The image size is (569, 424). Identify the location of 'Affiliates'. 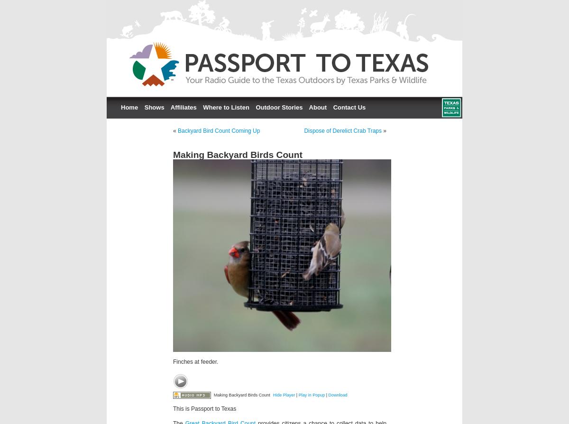
(183, 107).